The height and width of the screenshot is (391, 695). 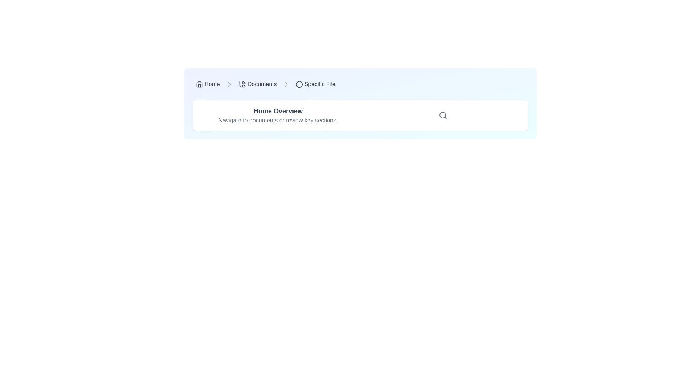 What do you see at coordinates (207, 84) in the screenshot?
I see `the first item in the breadcrumb navigation bar, which functions as a hyperlink to navigate back to the homepage, to observe the visual hover effect` at bounding box center [207, 84].